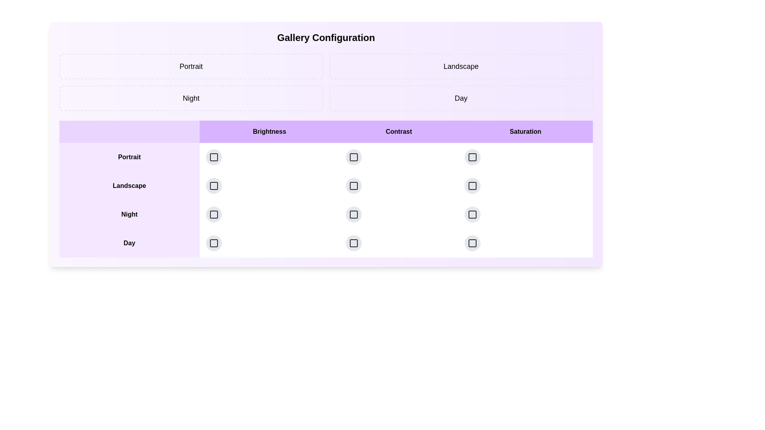  Describe the element at coordinates (472, 157) in the screenshot. I see `the selectable option button in the 'Saturation' column aligned with the 'Day' row in the 'Gallery Configuration' interface` at that location.